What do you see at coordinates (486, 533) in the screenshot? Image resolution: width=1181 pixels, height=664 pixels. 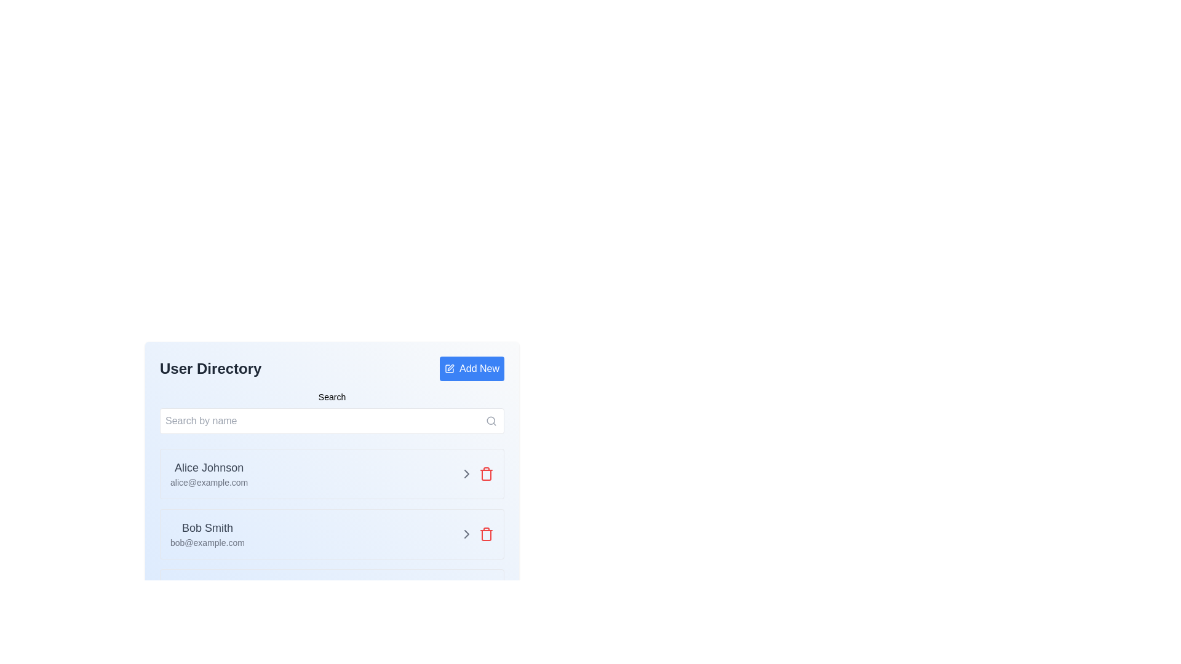 I see `the red-colored trash icon representing delete functionality, located to the far-right of the second user entry in the user directory interface` at bounding box center [486, 533].